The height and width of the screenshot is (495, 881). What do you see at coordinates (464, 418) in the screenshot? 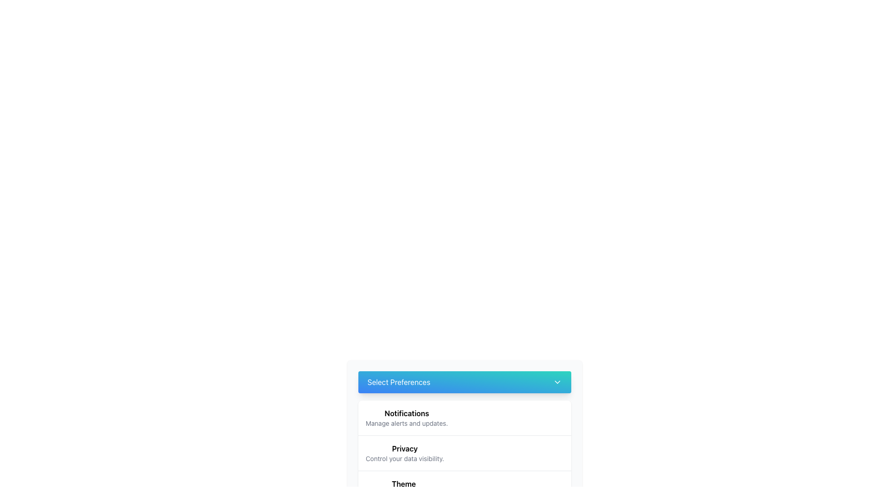
I see `the 'Notifications' menu item, which is the first item under the 'Select Preferences' section` at bounding box center [464, 418].